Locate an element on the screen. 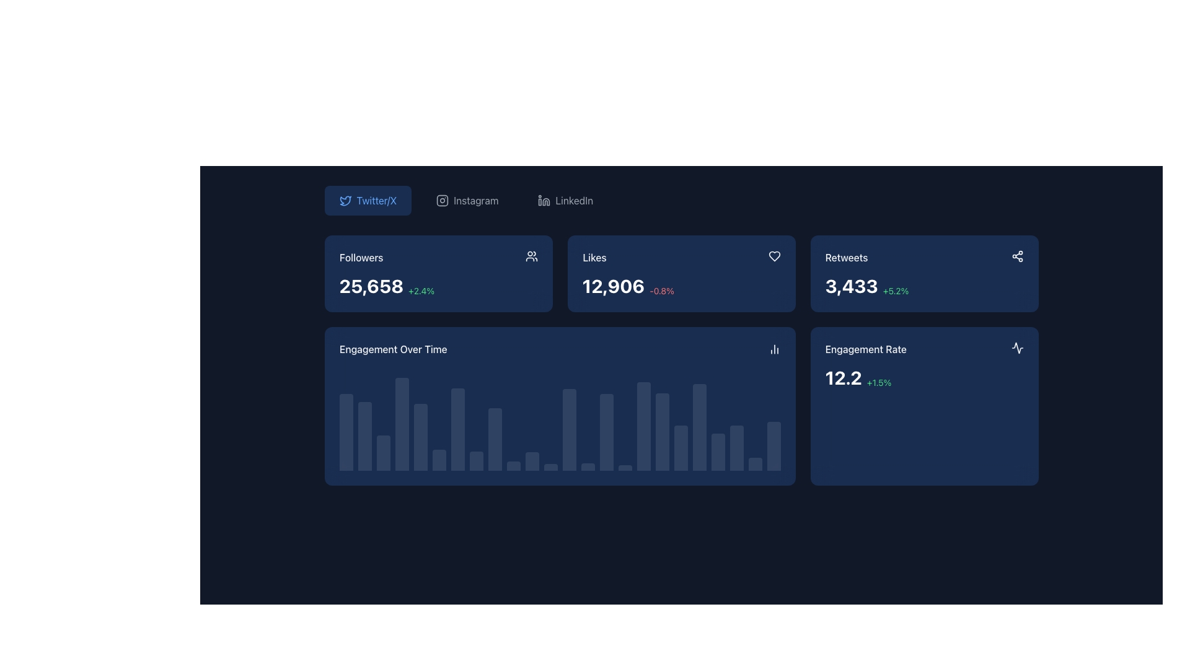 The image size is (1190, 669). the Metric display showing the number '25,646' and the percentage '+2.4%' located in the lower portion of the 'Followers' panel is located at coordinates (438, 286).